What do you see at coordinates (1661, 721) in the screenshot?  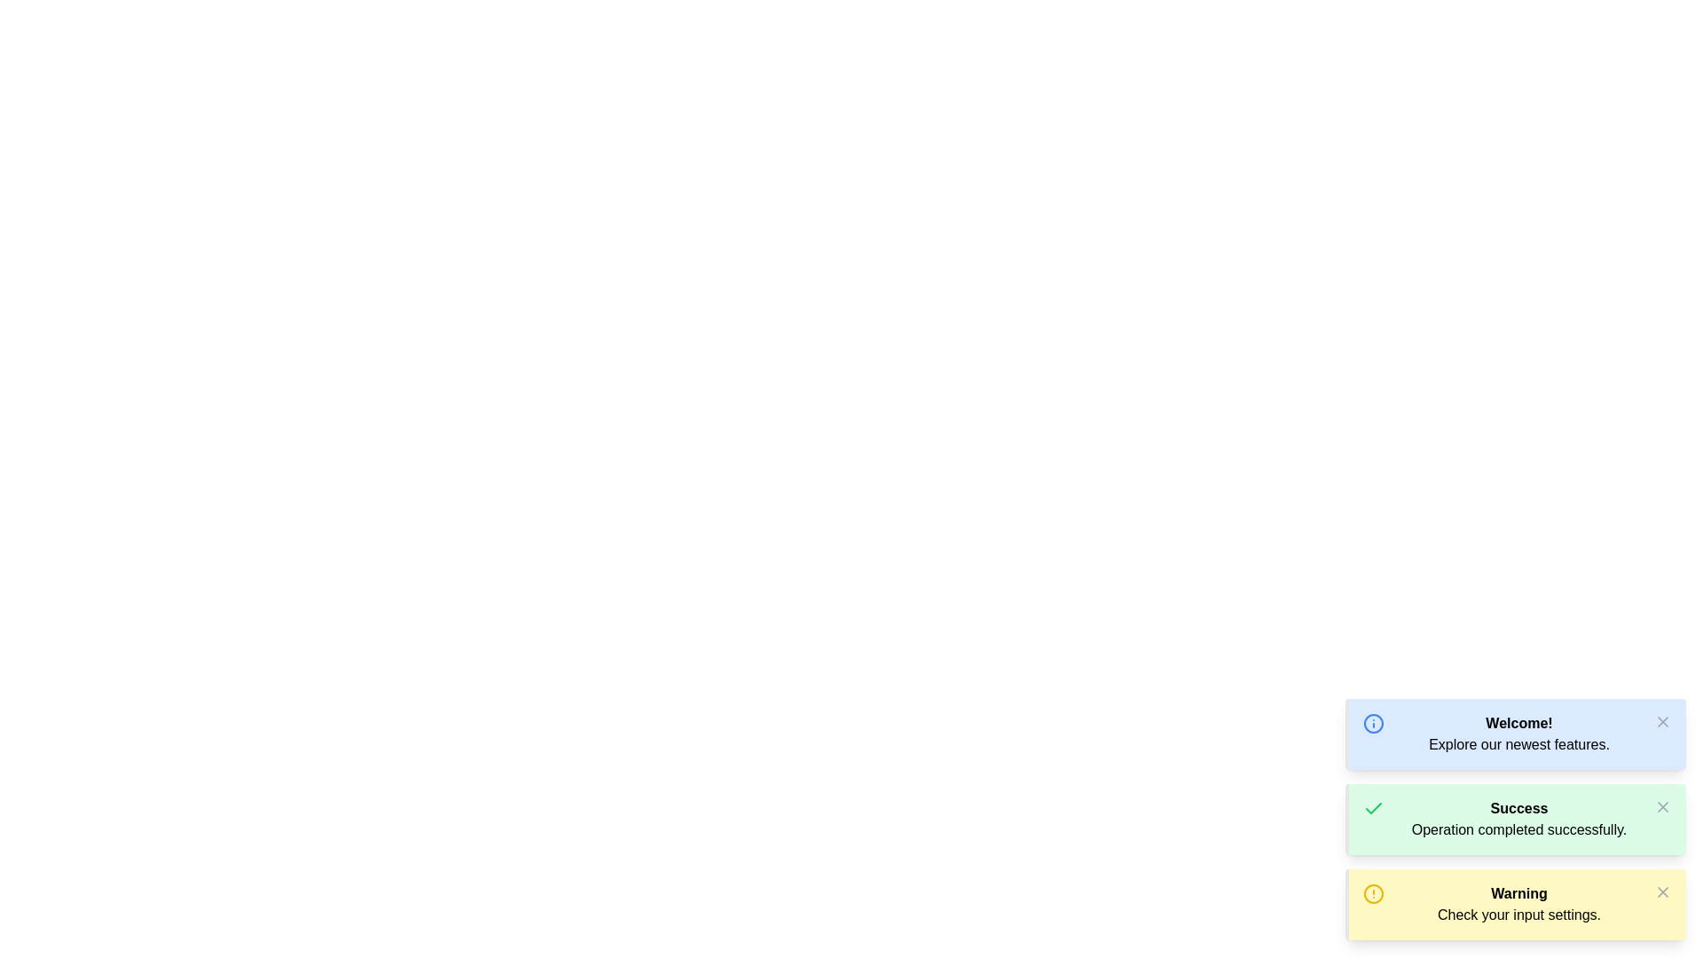 I see `the close 'X' button located at the top-right corner of the blue 'Welcome!' notification box to change its color` at bounding box center [1661, 721].